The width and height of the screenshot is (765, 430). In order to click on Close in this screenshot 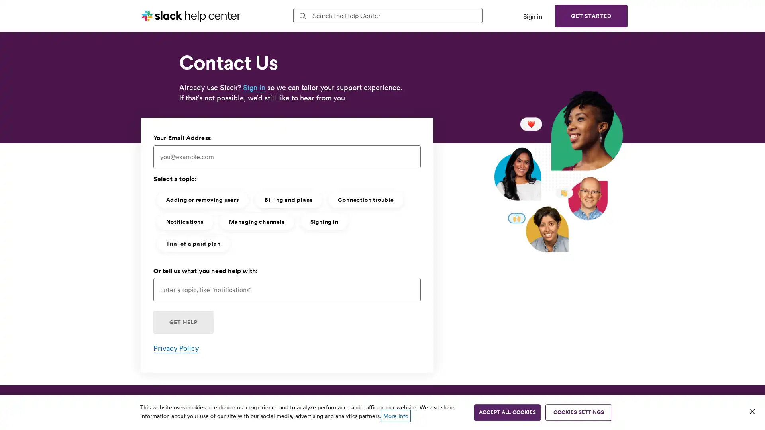, I will do `click(751, 411)`.